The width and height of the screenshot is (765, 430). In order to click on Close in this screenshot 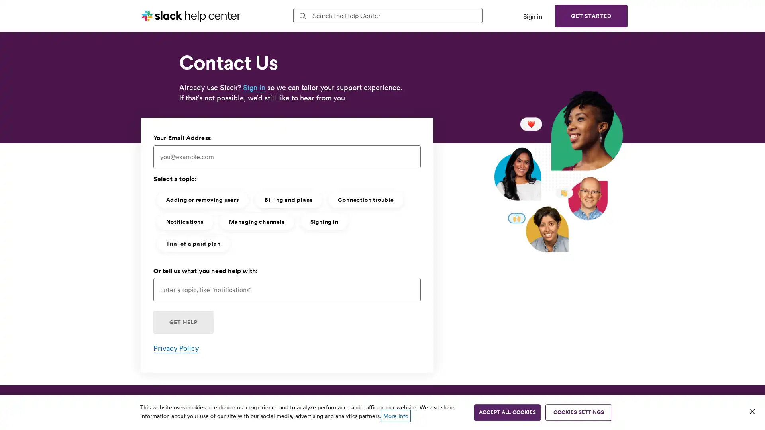, I will do `click(751, 411)`.